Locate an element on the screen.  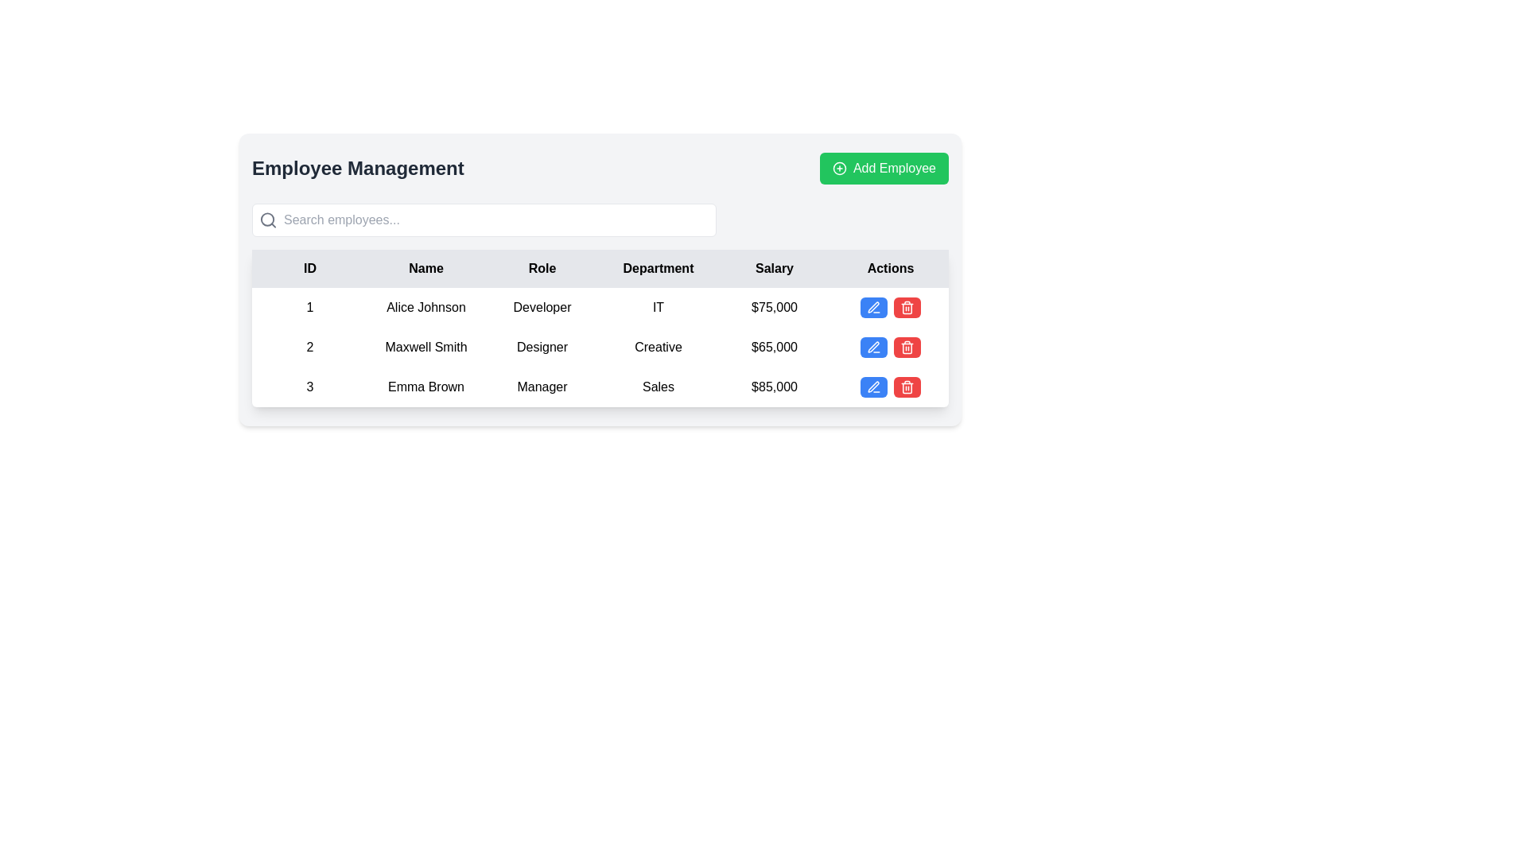
the delete button located in the Actions column of the third row in the data table to change its background color is located at coordinates (907, 387).